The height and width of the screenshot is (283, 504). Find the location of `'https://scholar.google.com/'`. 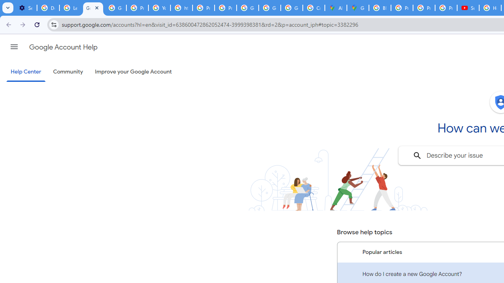

'https://scholar.google.com/' is located at coordinates (181, 8).